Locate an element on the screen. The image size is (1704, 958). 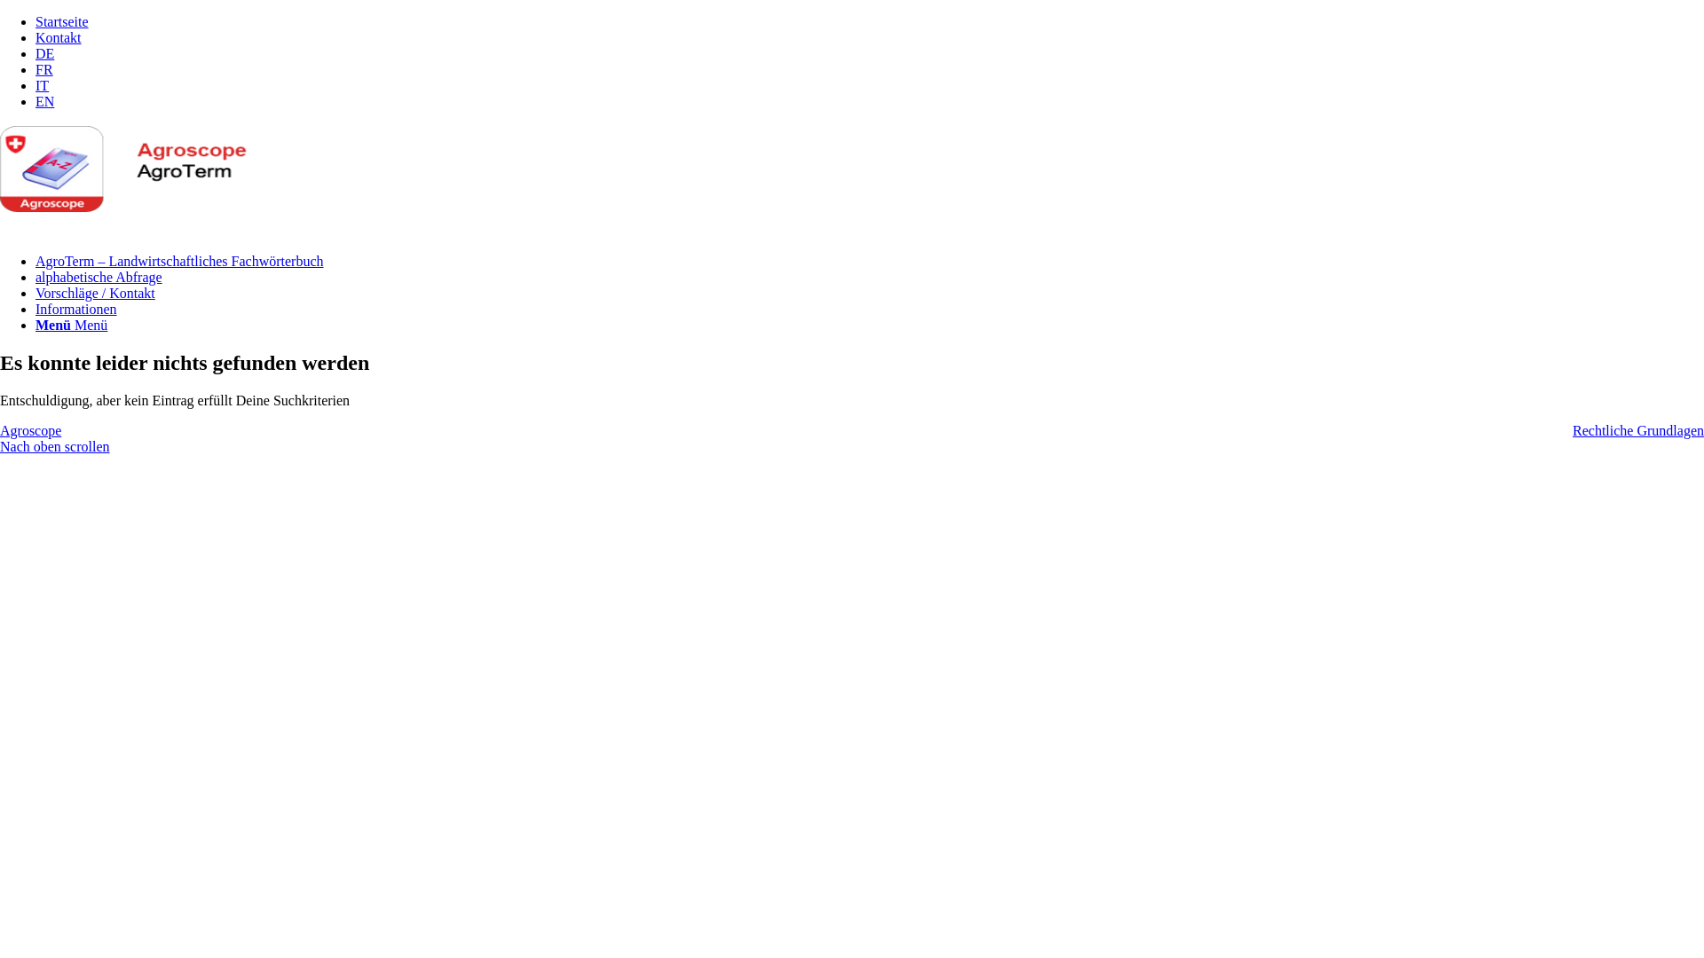
'Informationen' is located at coordinates (75, 308).